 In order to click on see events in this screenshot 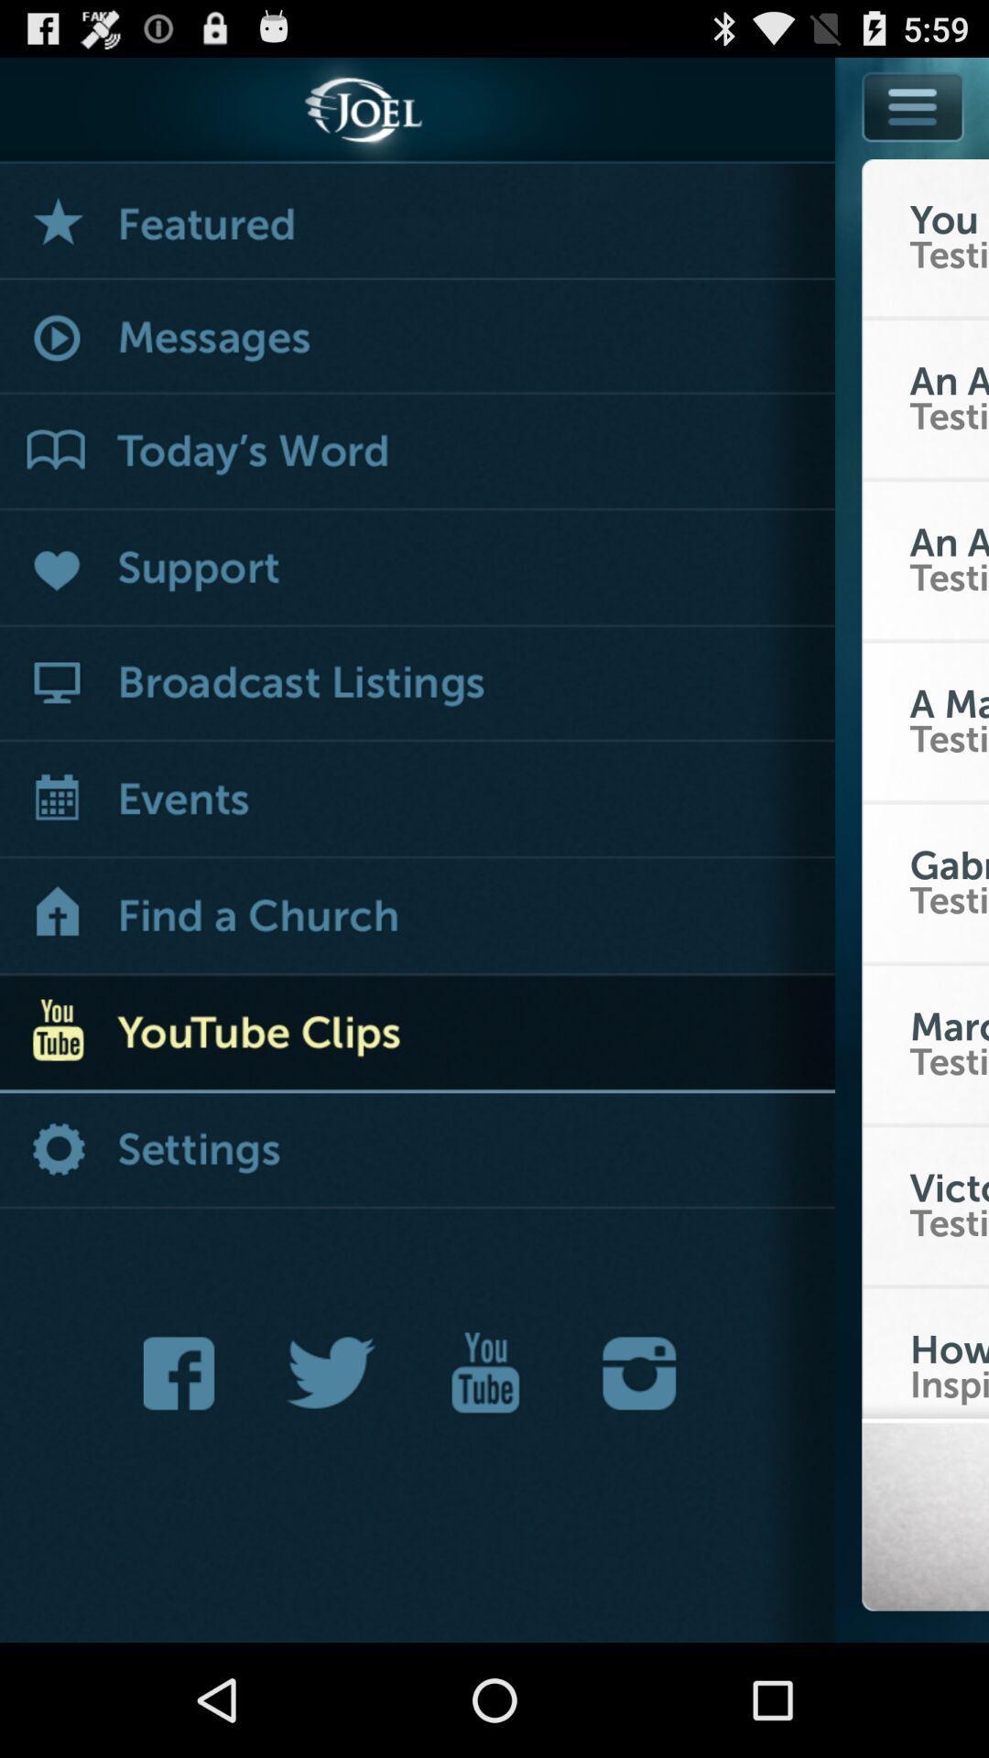, I will do `click(417, 801)`.